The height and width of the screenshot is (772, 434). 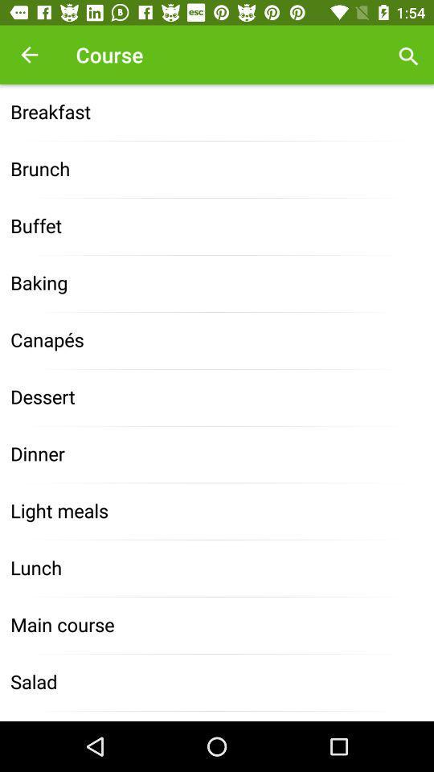 What do you see at coordinates (217, 715) in the screenshot?
I see `sandwich icon` at bounding box center [217, 715].